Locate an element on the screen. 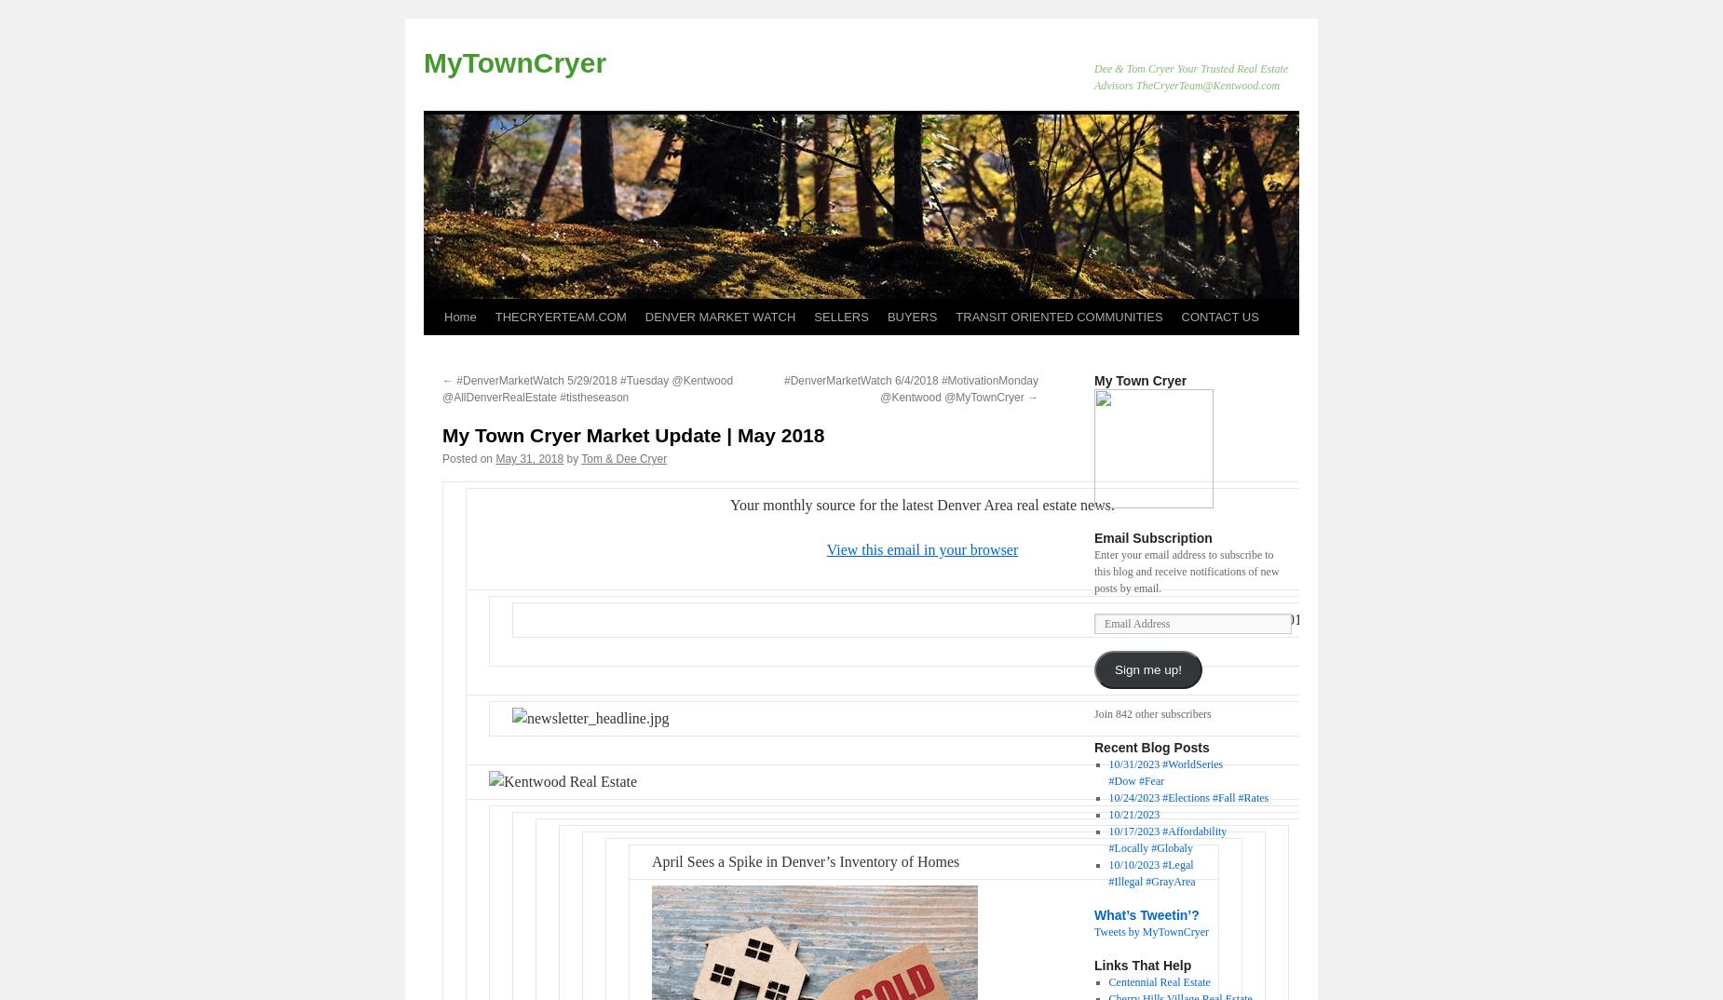 The image size is (1723, 1000). '10/21/2023' is located at coordinates (1106, 813).